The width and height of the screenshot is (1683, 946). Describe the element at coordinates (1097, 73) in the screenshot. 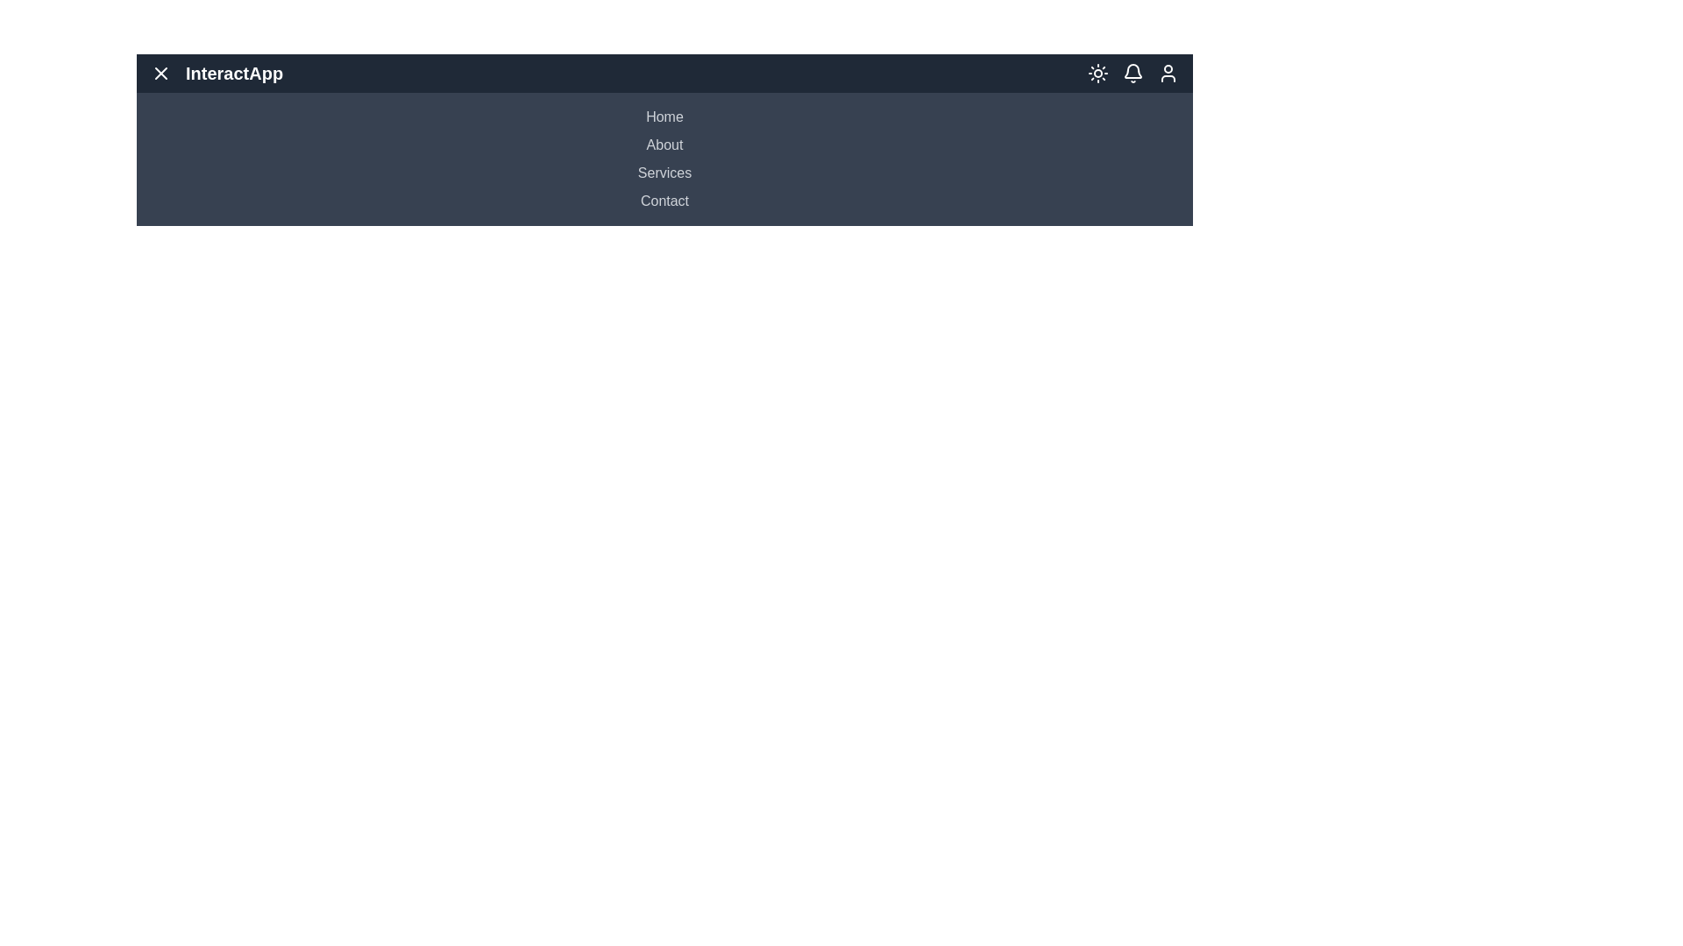

I see `the dark mode toggle button to switch between dark and light mode` at that location.